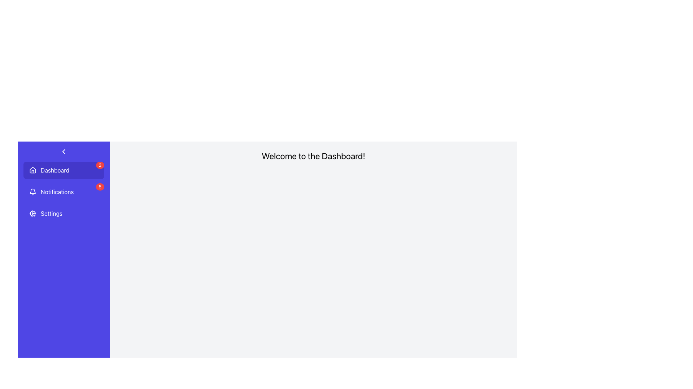 This screenshot has width=693, height=389. Describe the element at coordinates (51, 213) in the screenshot. I see `the 'Settings' text label in the vertical navigation sidebar, which is styled with white text on a vibrant blue background and is positioned below the 'Notifications' item` at that location.